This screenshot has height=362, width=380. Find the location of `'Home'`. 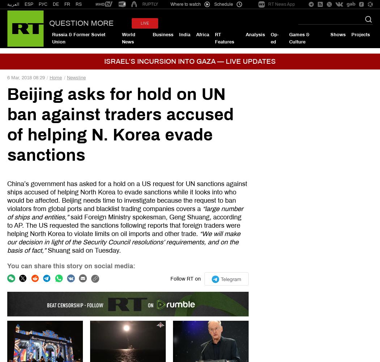

'Home' is located at coordinates (56, 77).